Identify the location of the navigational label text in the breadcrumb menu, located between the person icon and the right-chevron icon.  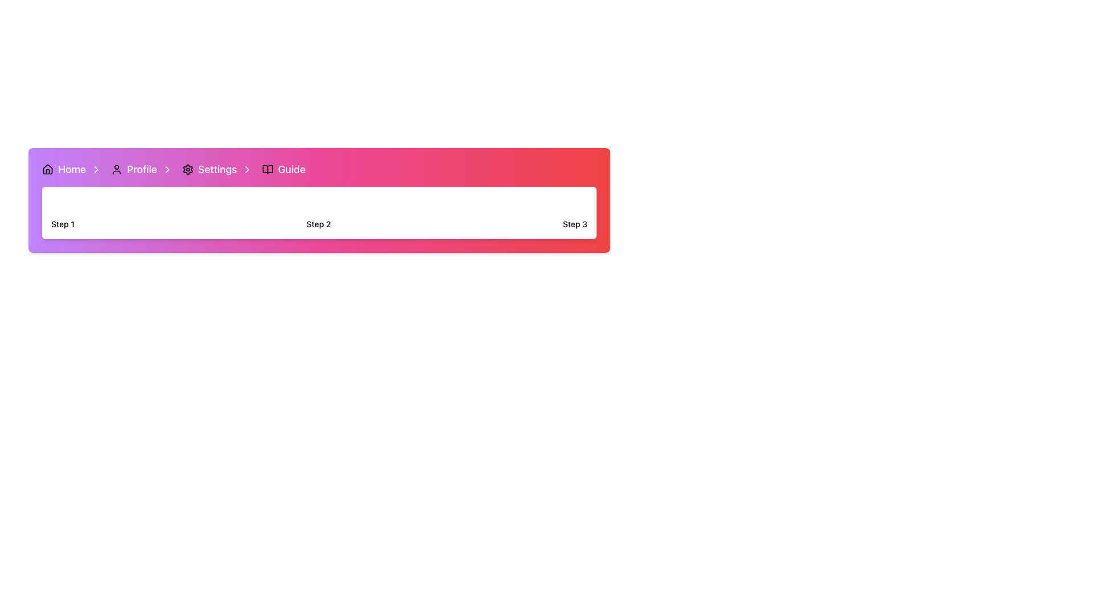
(141, 169).